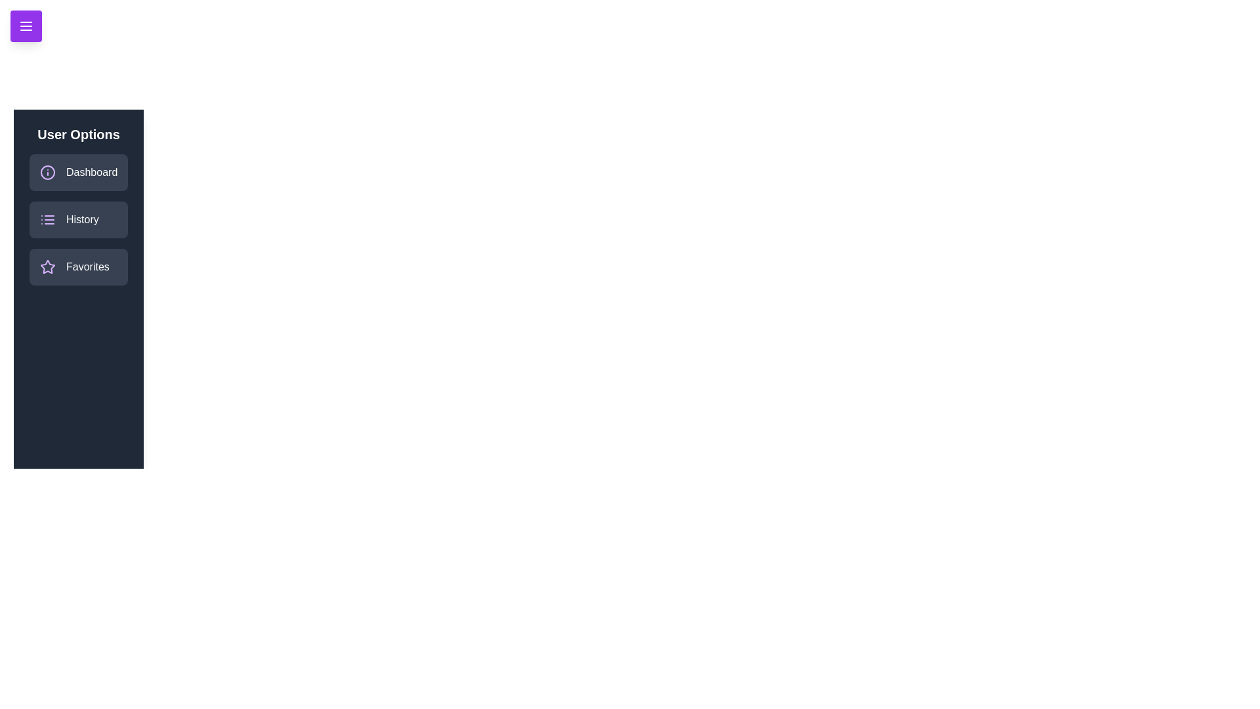 The image size is (1260, 709). What do you see at coordinates (78, 219) in the screenshot?
I see `the 'History' menu option` at bounding box center [78, 219].